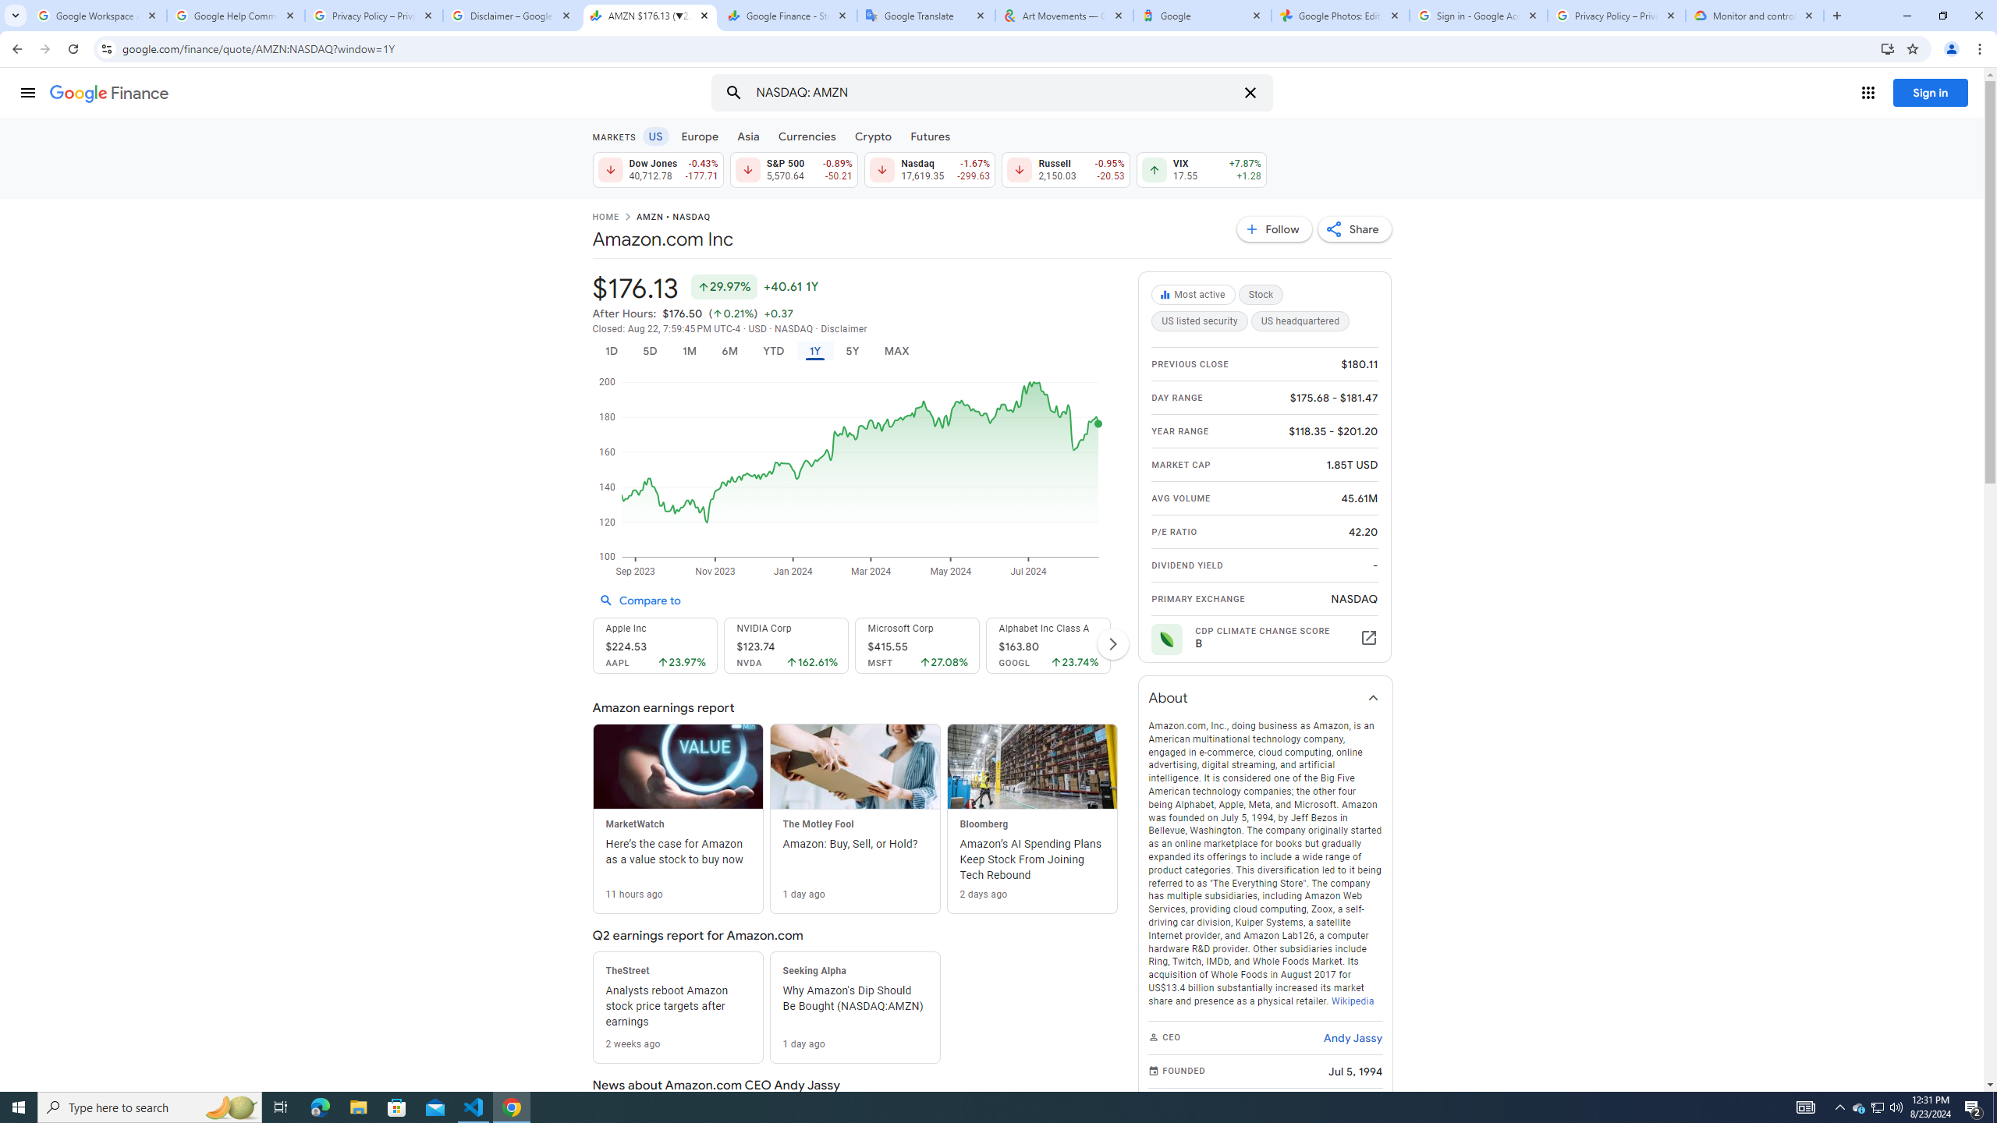 The image size is (1997, 1123). What do you see at coordinates (1354, 228) in the screenshot?
I see `'Share'` at bounding box center [1354, 228].